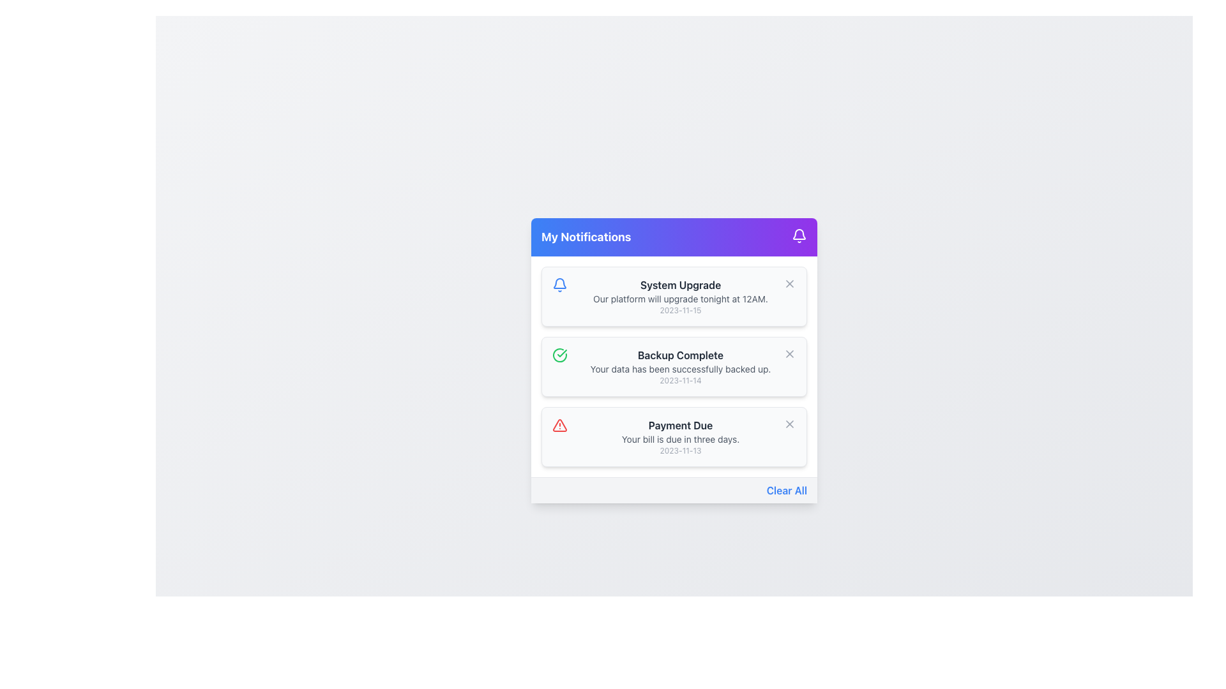 This screenshot has width=1226, height=689. Describe the element at coordinates (679, 425) in the screenshot. I see `the static text displaying 'Payment Due' in bold within the third notification card, positioned above the due information` at that location.